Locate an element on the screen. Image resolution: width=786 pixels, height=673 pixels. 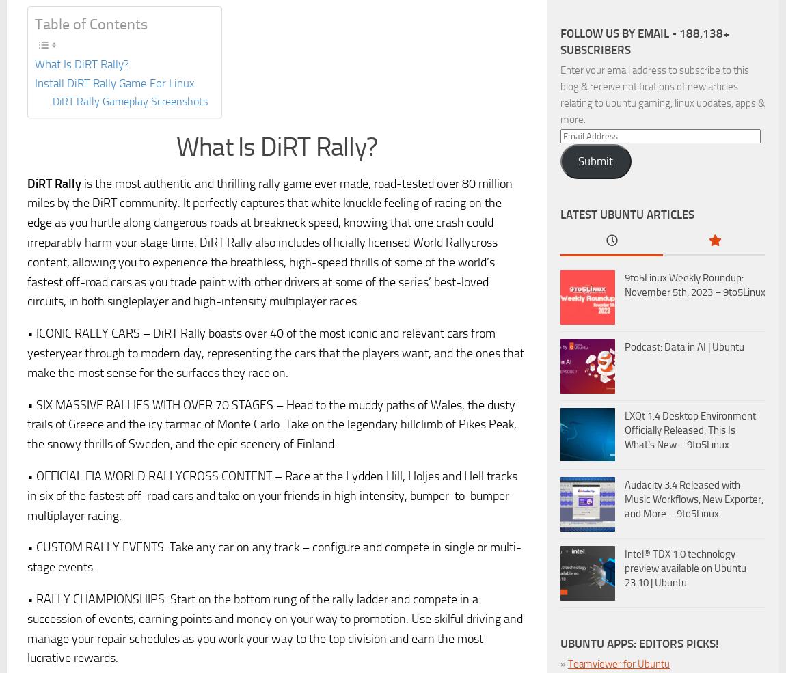
'LXQt 1.4 Desktop Environment Officially Released, This Is What’s New – 9to5Linux' is located at coordinates (625, 429).